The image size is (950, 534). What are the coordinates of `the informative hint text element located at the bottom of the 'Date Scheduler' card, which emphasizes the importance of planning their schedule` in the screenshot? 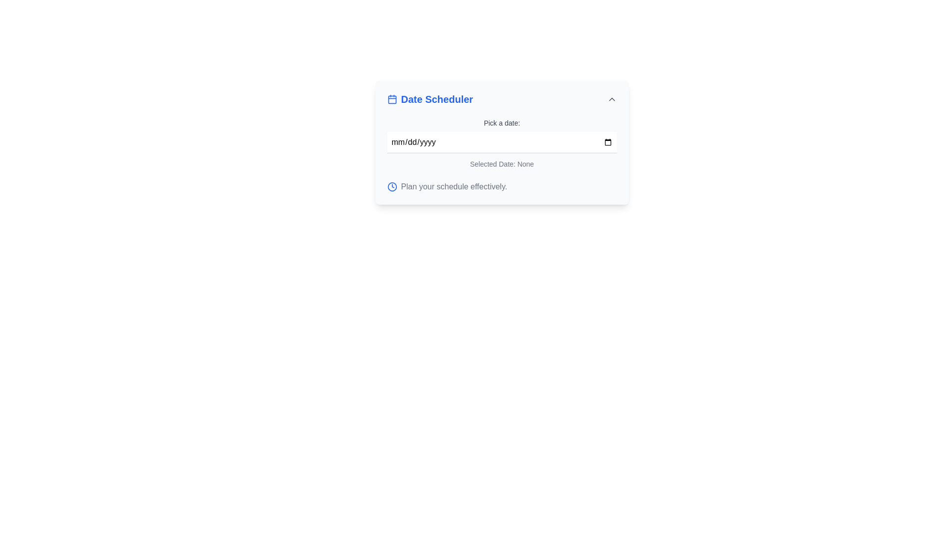 It's located at (502, 187).